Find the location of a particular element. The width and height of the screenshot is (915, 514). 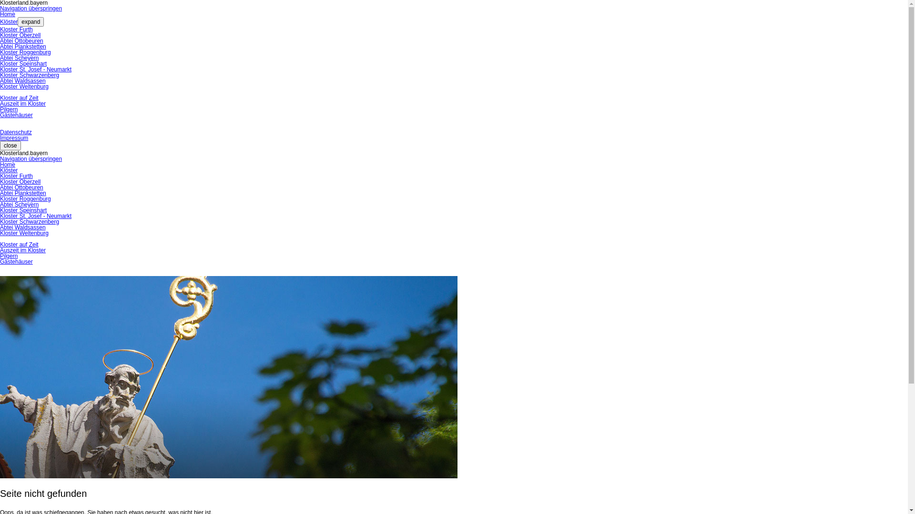

'Abtei Waldsassen' is located at coordinates (23, 80).